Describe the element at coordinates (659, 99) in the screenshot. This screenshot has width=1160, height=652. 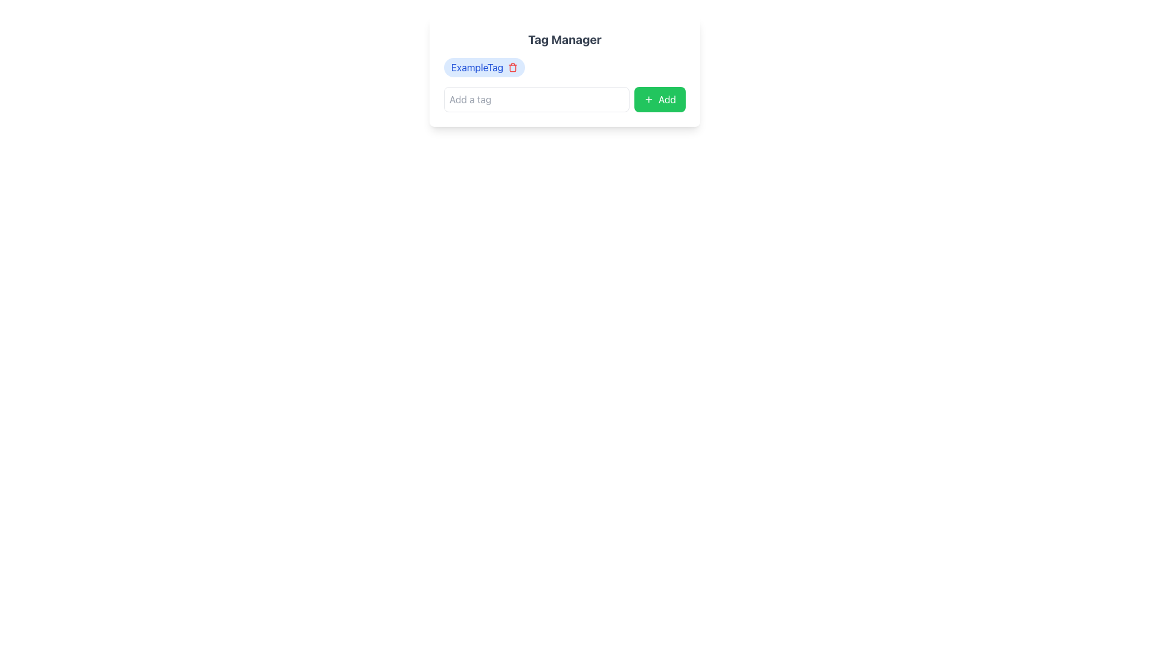
I see `the 'Add Tag' button located in the 'Tag Manager' section` at that location.